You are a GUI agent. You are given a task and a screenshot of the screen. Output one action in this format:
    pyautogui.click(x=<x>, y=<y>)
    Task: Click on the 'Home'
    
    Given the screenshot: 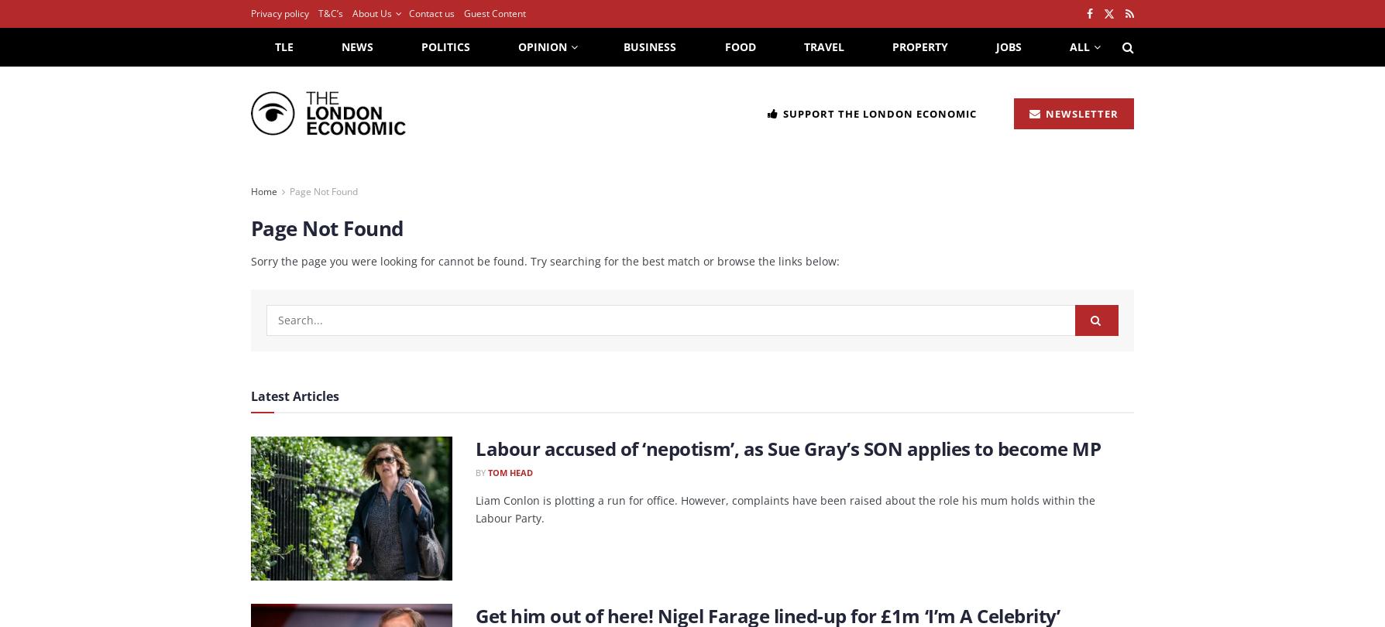 What is the action you would take?
    pyautogui.click(x=249, y=190)
    